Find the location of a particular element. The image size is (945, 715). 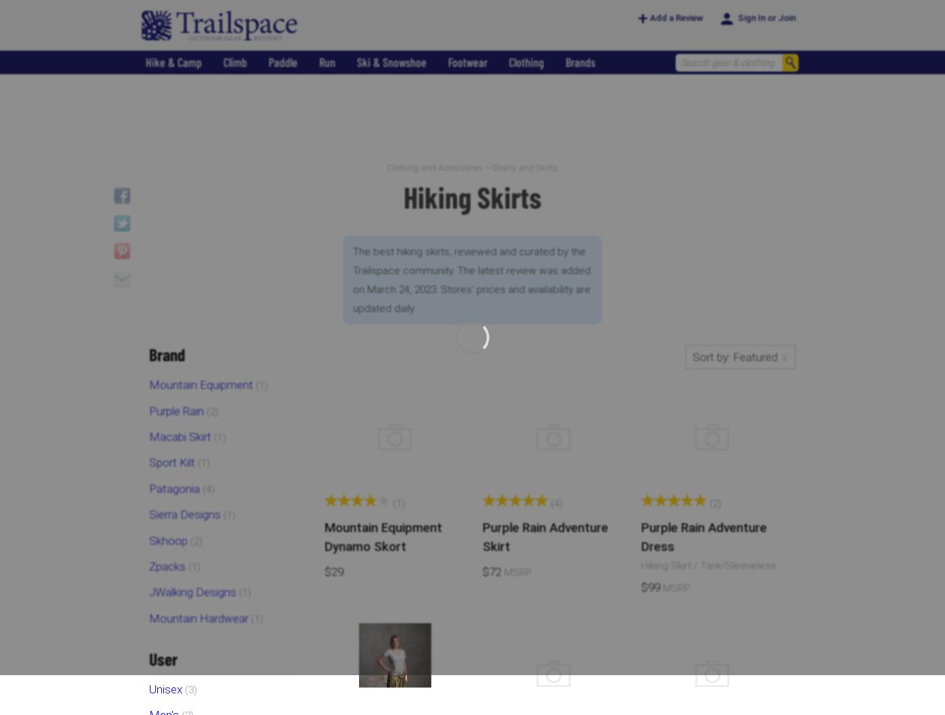

'Purple Rain Adventure Dress' is located at coordinates (704, 537).